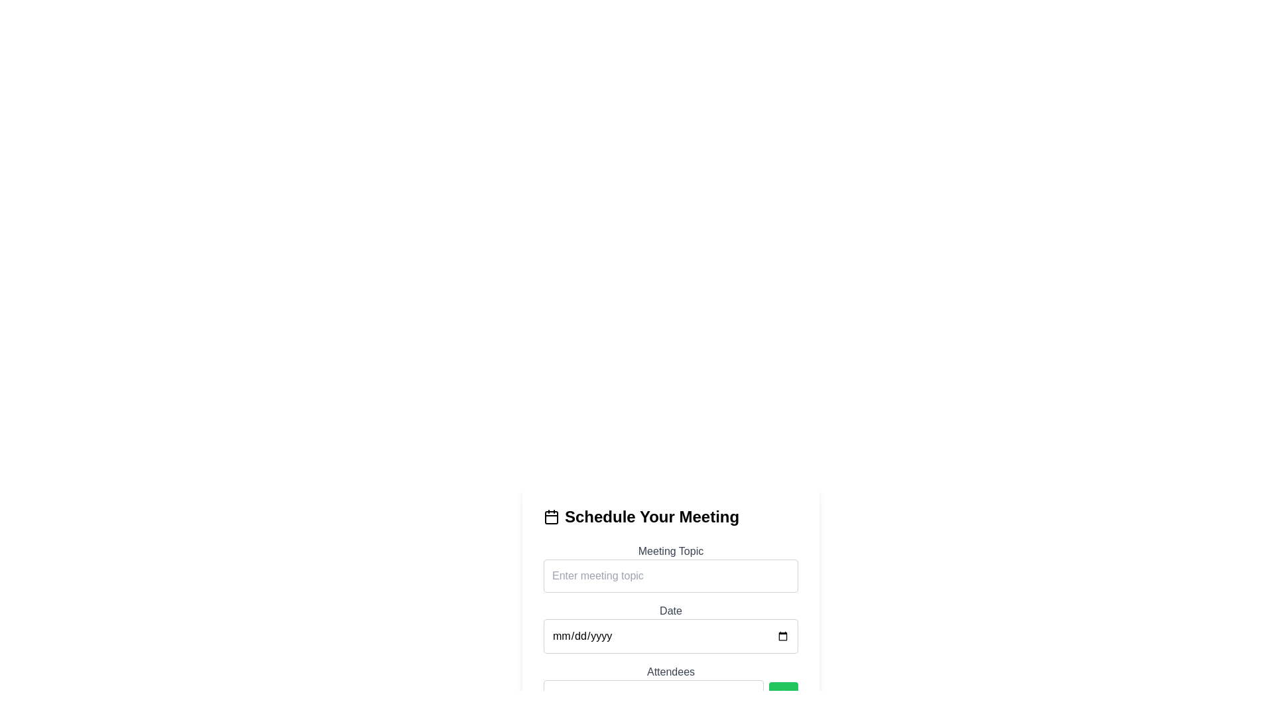 This screenshot has width=1273, height=716. I want to click on the input field labeled 'Meeting Topic' which has a placeholder 'Enter meeting topic', so click(671, 567).